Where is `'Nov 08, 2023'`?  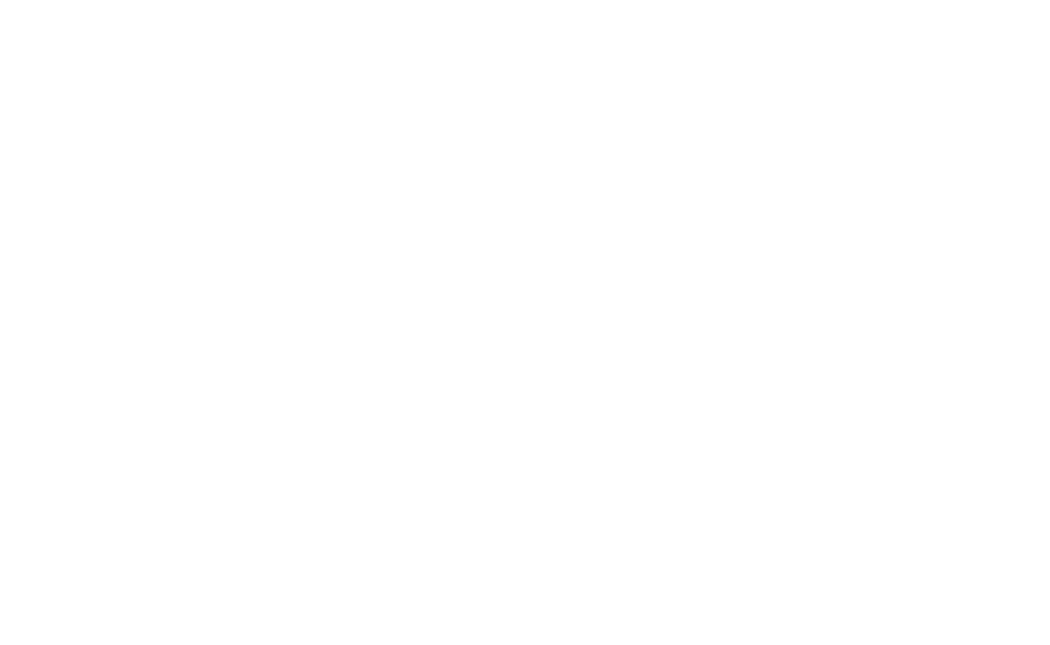
'Nov 08, 2023' is located at coordinates (174, 215).